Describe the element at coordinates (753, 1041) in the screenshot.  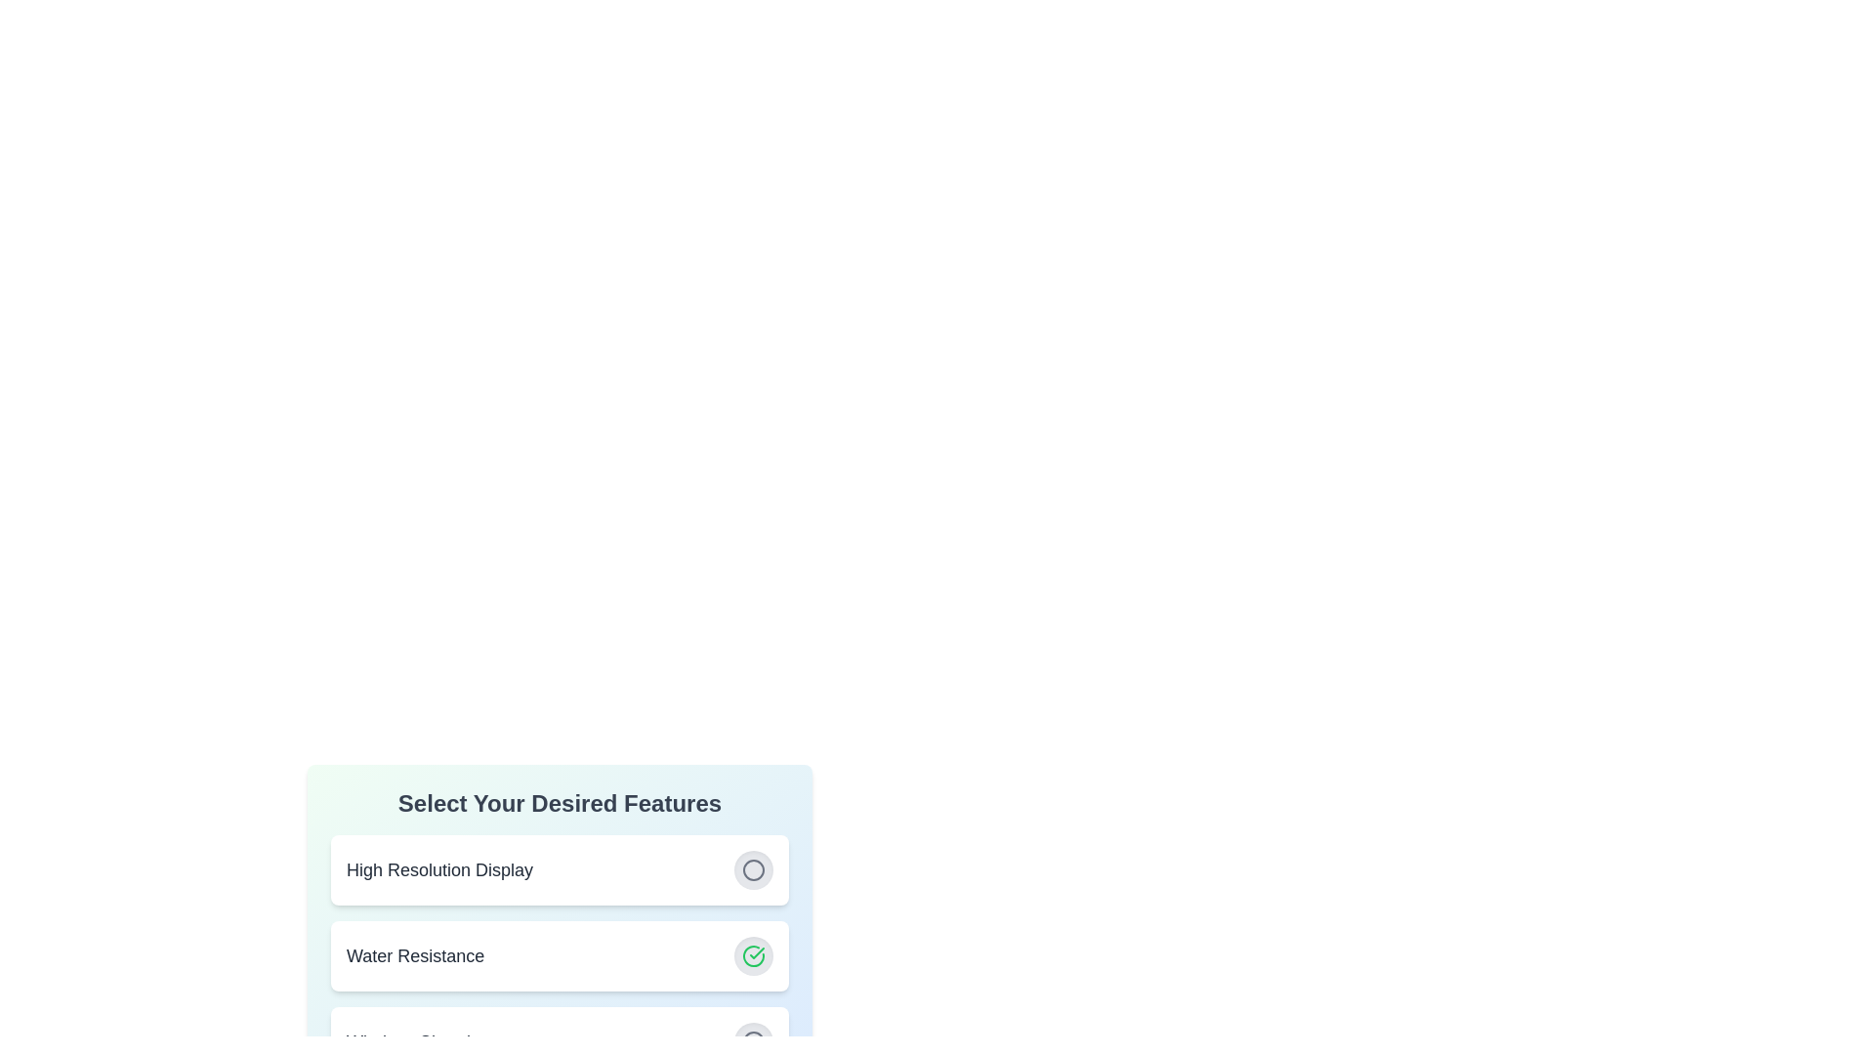
I see `the circular icon located inside the circular button at the bottom of the feature selection interface` at that location.